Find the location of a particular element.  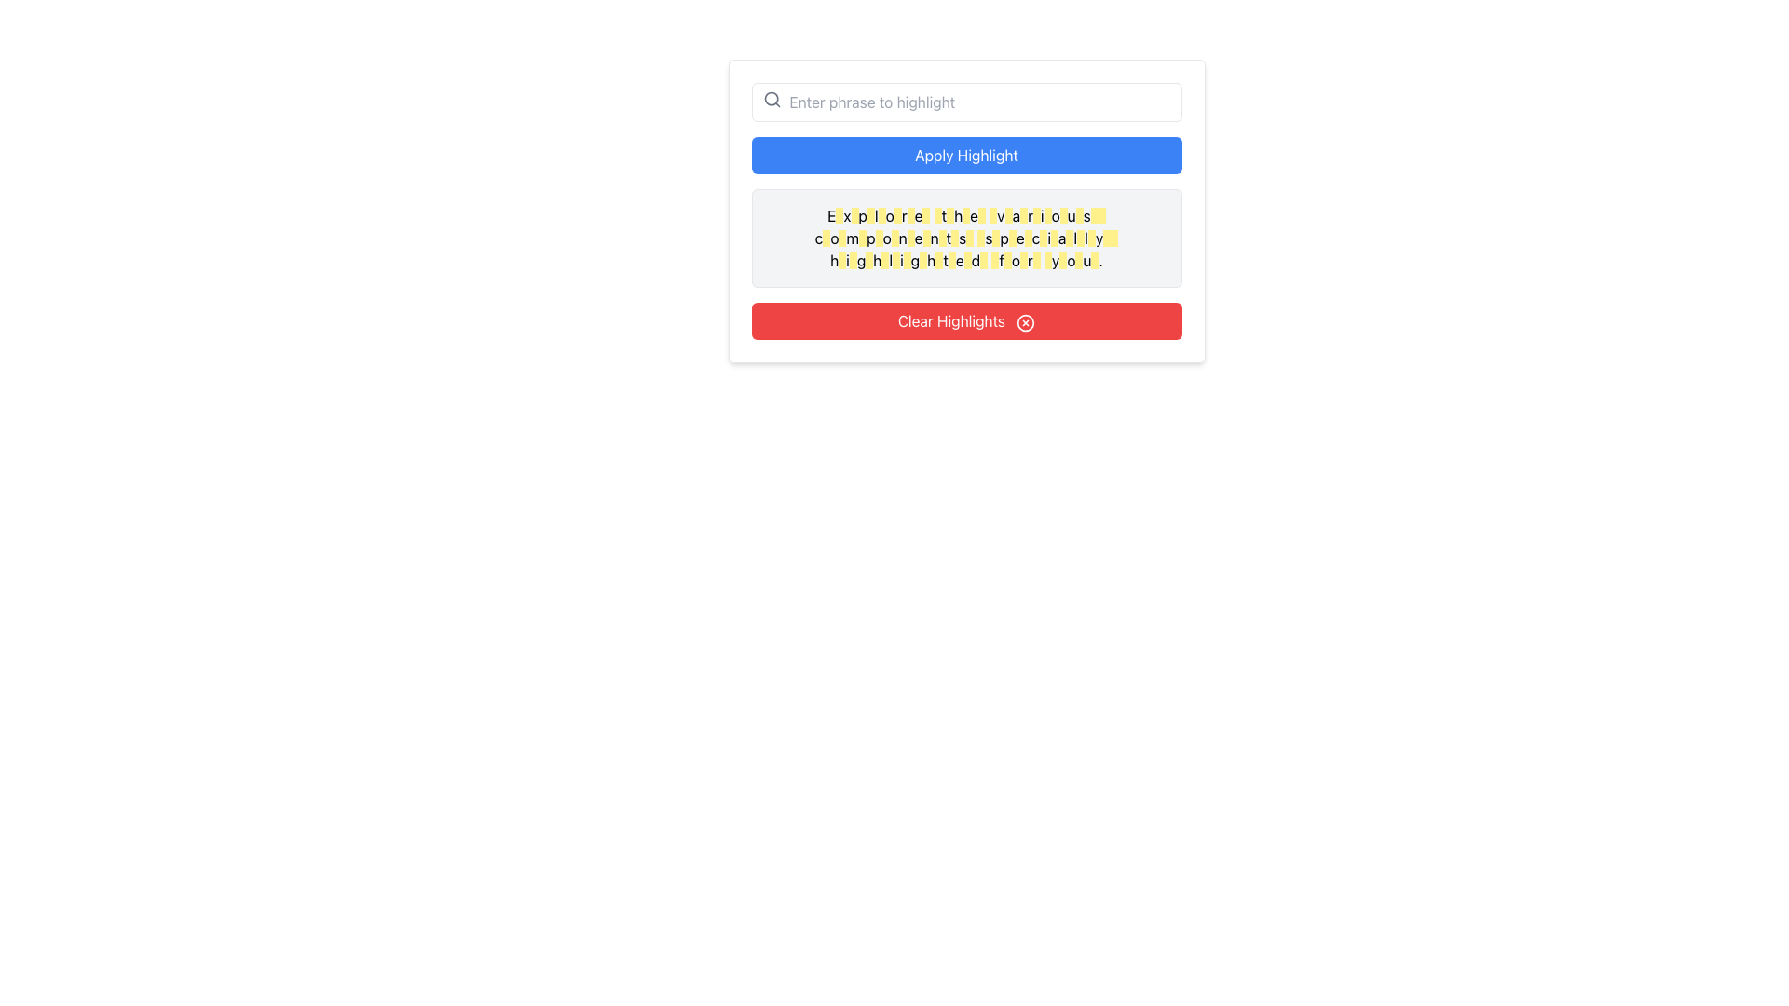

the Highlight marker, which is the last element in the sentence with distinctive background styling meant for emphasizing text is located at coordinates (1079, 261).